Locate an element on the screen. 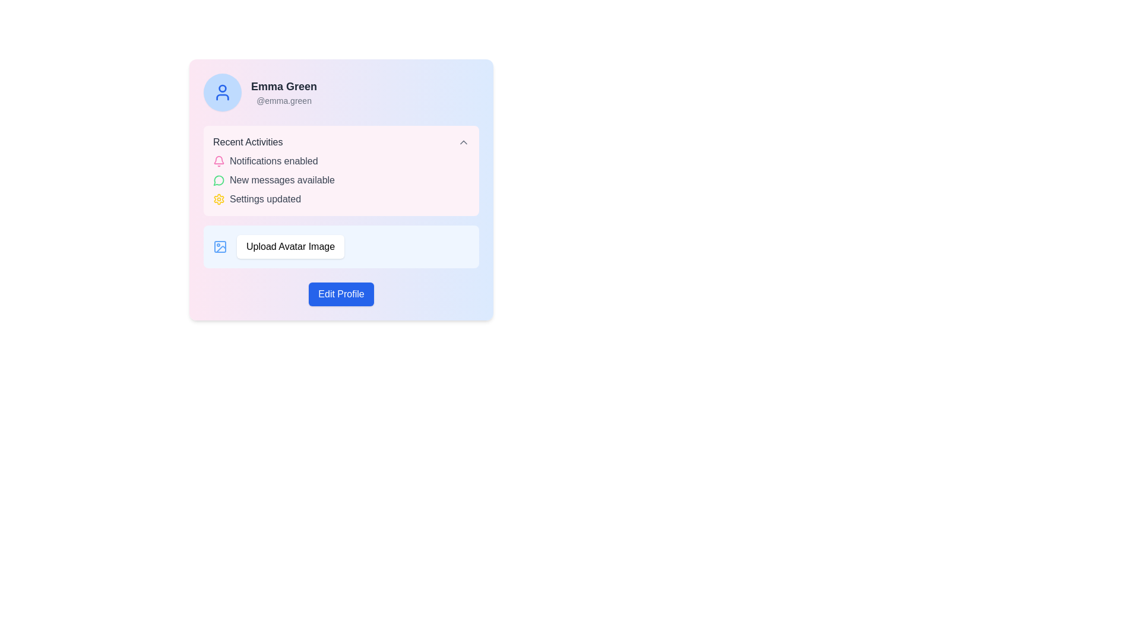 This screenshot has height=641, width=1140. the button labeled 'Upload Avatar Image' is located at coordinates (290, 246).